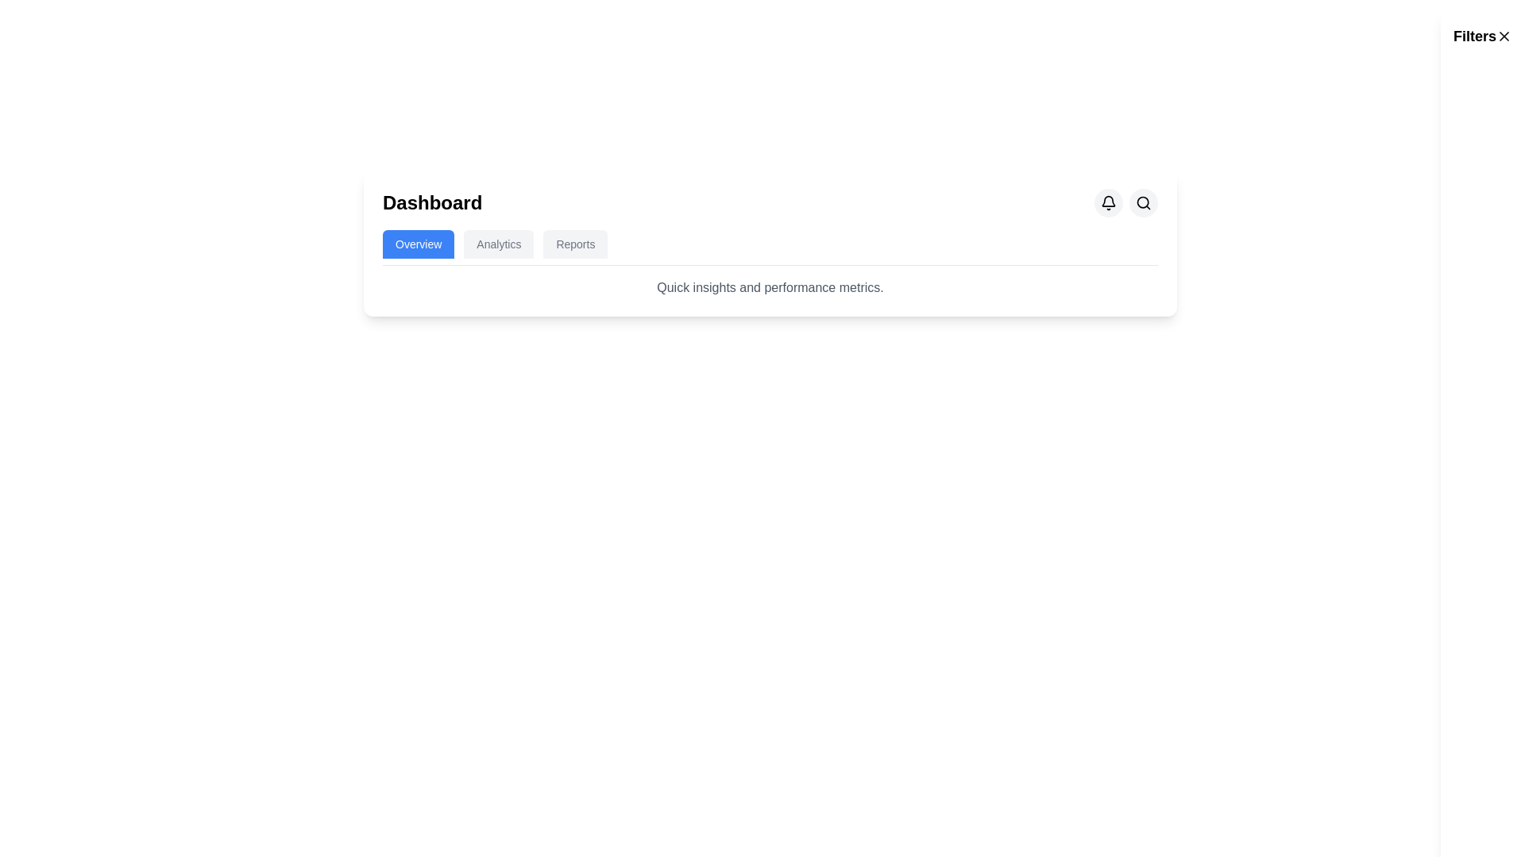 This screenshot has height=857, width=1525. What do you see at coordinates (1108, 202) in the screenshot?
I see `the circular button with a light gray background and a bell icon located at the top-right corner of the main content area` at bounding box center [1108, 202].